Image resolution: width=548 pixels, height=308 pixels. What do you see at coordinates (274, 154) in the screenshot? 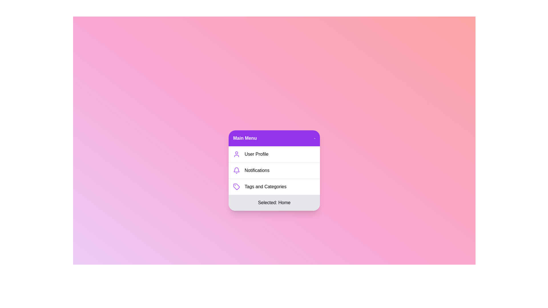
I see `the menu item User Profile from the list` at bounding box center [274, 154].